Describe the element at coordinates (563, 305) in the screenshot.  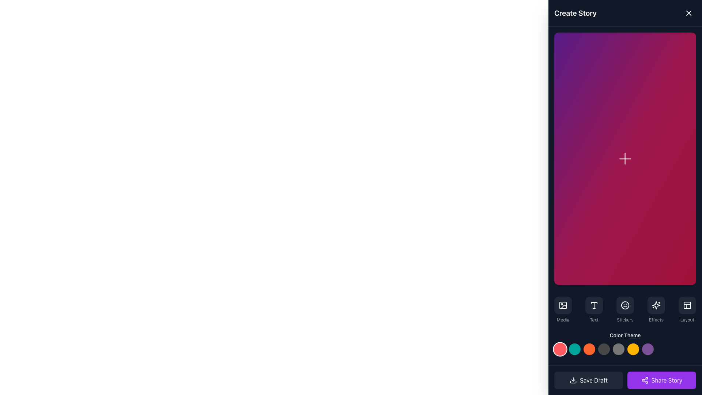
I see `the largest rectangular component of the icon representing an image or media upload feature located at the lower portion of the right sidebar` at that location.